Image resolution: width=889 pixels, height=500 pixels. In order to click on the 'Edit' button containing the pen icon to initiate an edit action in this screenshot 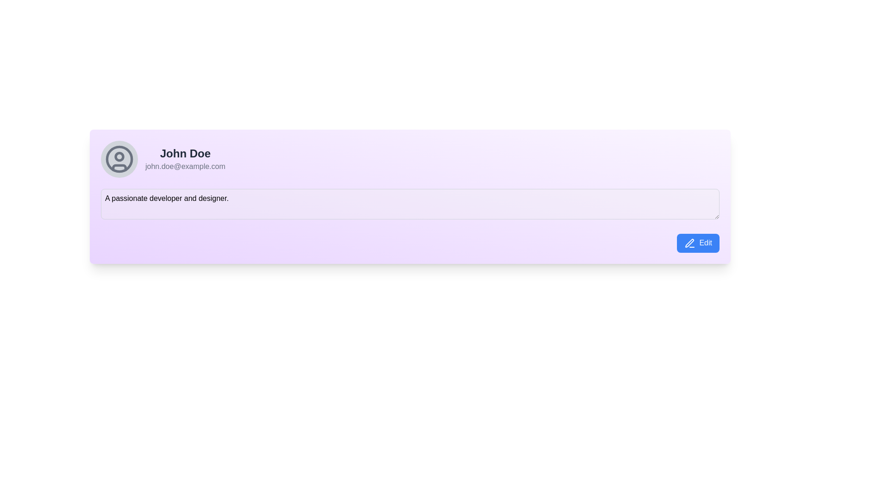, I will do `click(690, 243)`.